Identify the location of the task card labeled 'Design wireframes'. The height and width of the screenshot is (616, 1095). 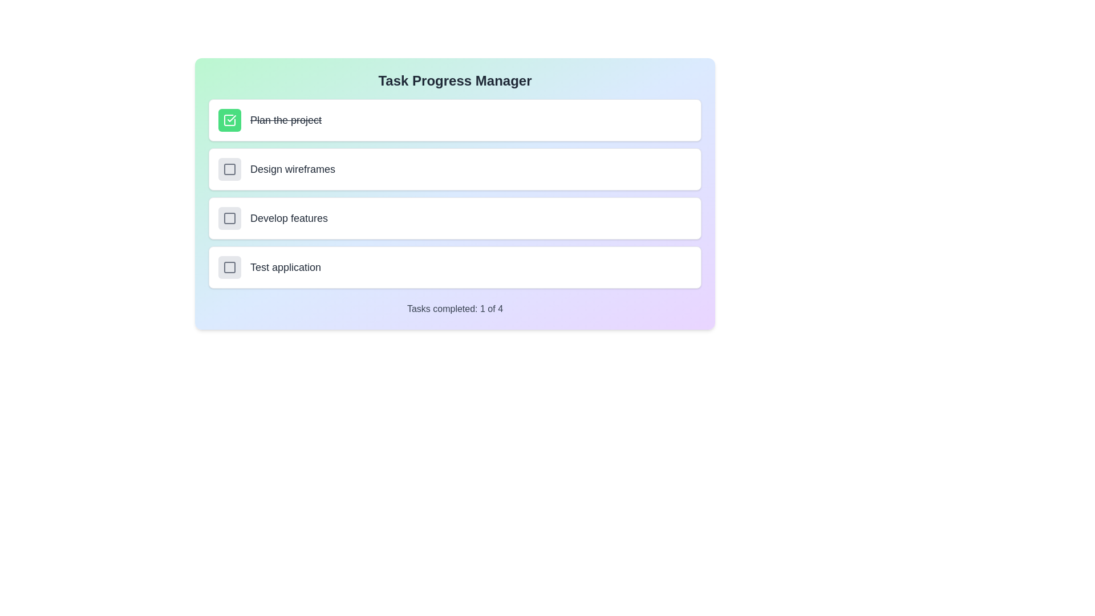
(454, 169).